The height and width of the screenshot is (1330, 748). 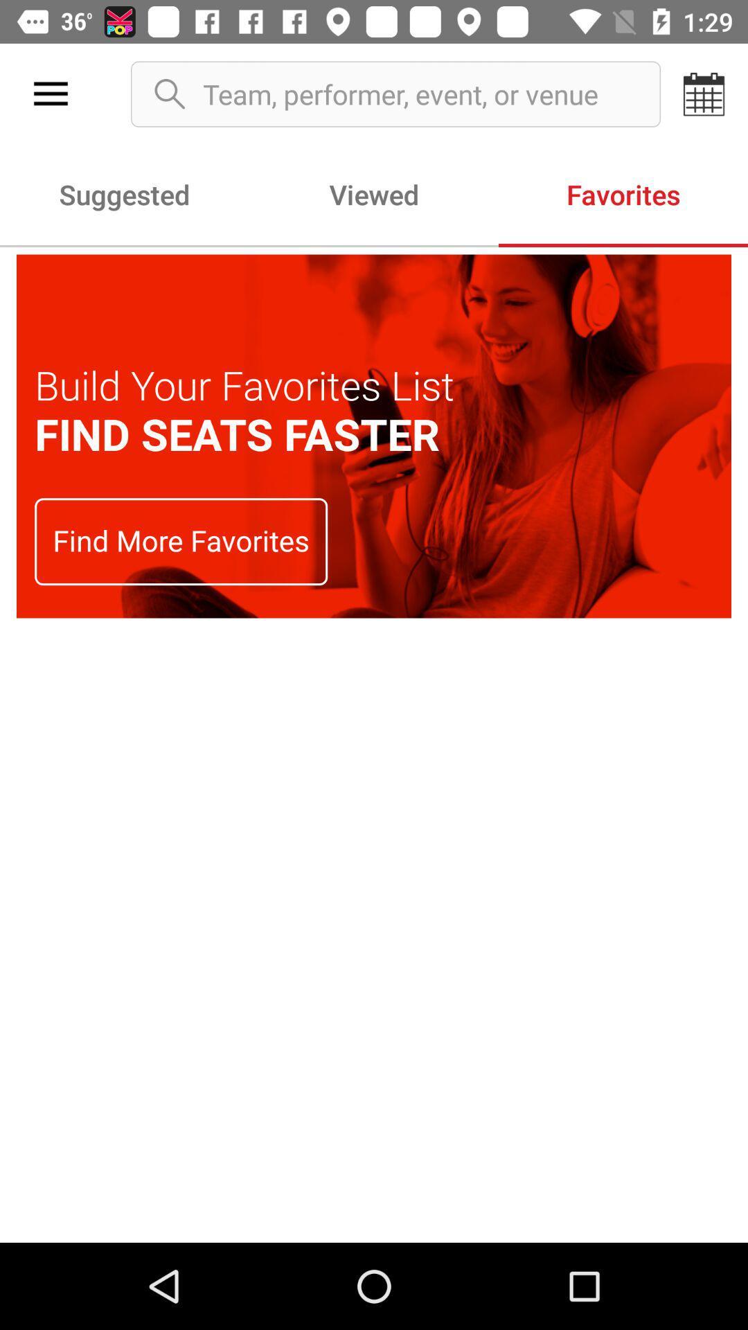 I want to click on the icon below find seats faster, so click(x=180, y=541).